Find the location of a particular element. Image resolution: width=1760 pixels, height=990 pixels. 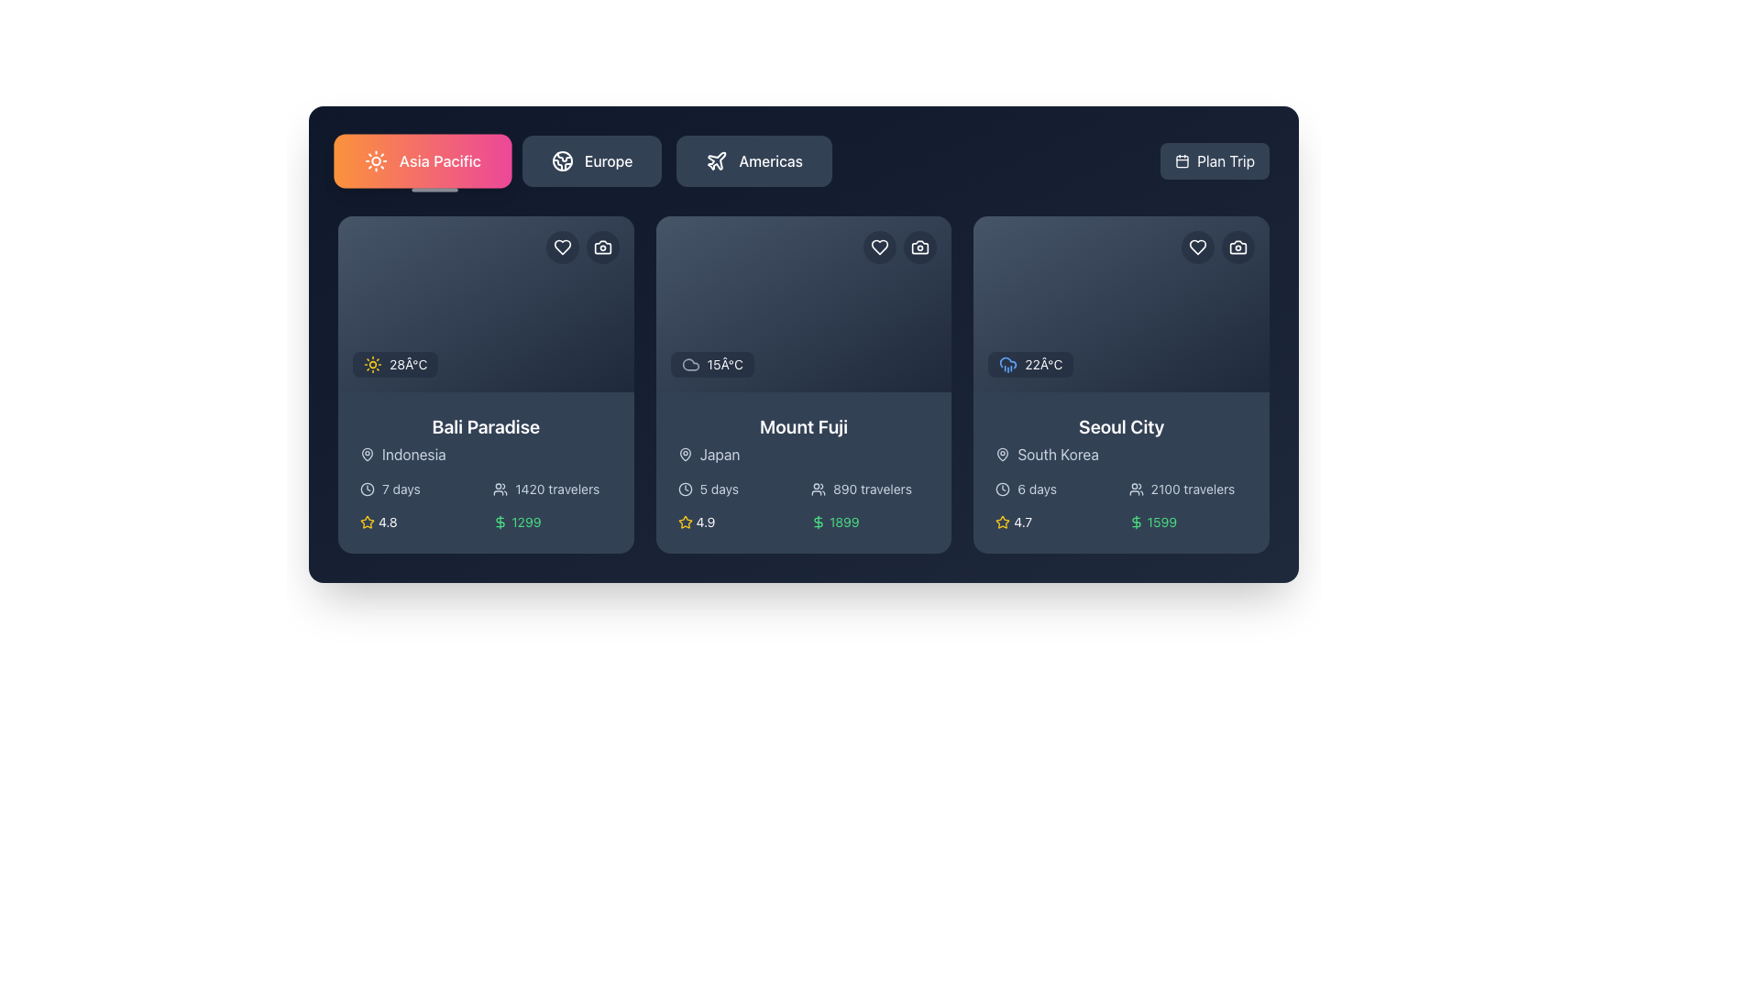

the cloud icon in the weather display of the 'Mount Fuji' card is located at coordinates (689, 364).